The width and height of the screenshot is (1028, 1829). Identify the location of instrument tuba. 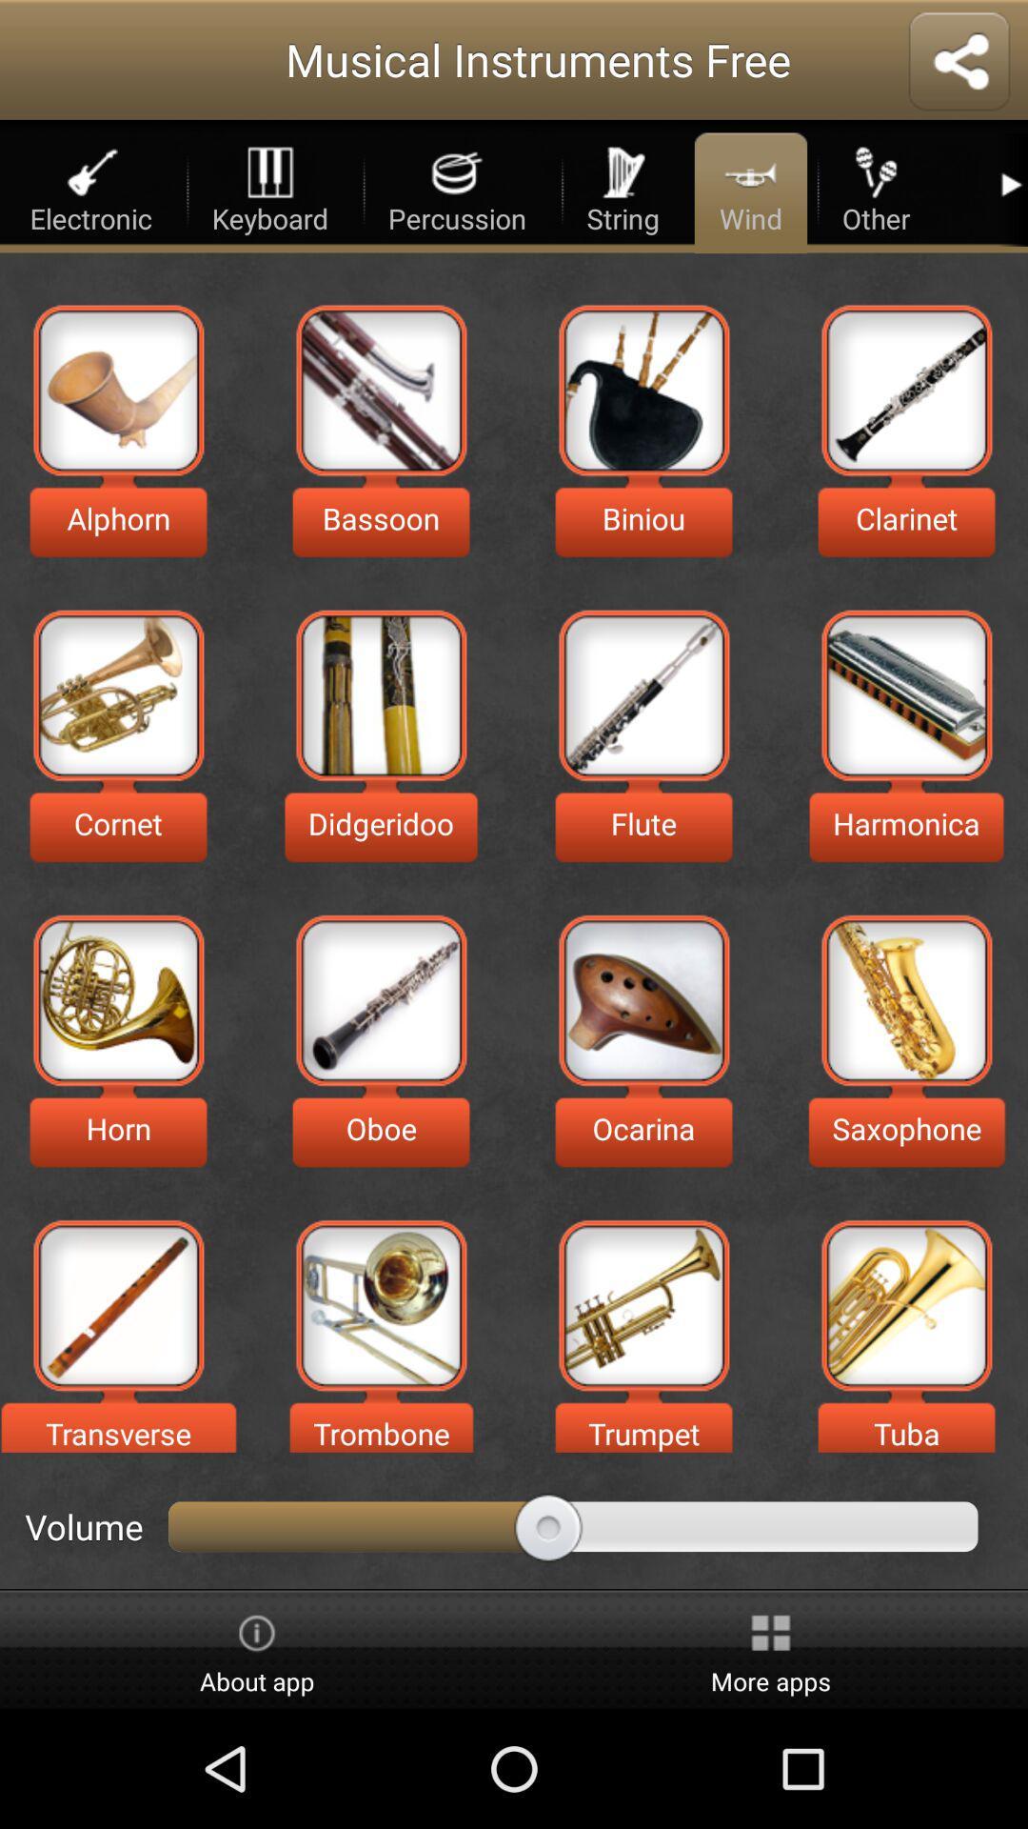
(905, 1304).